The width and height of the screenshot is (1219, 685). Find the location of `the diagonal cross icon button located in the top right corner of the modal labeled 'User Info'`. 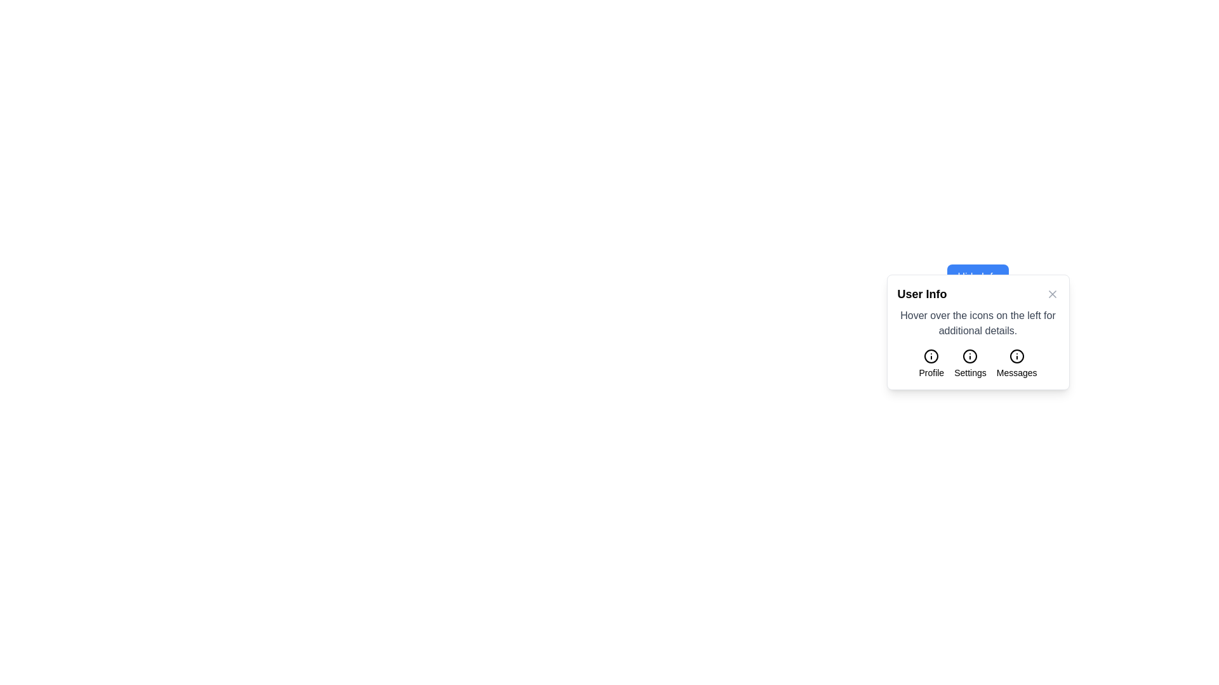

the diagonal cross icon button located in the top right corner of the modal labeled 'User Info' is located at coordinates (1052, 294).